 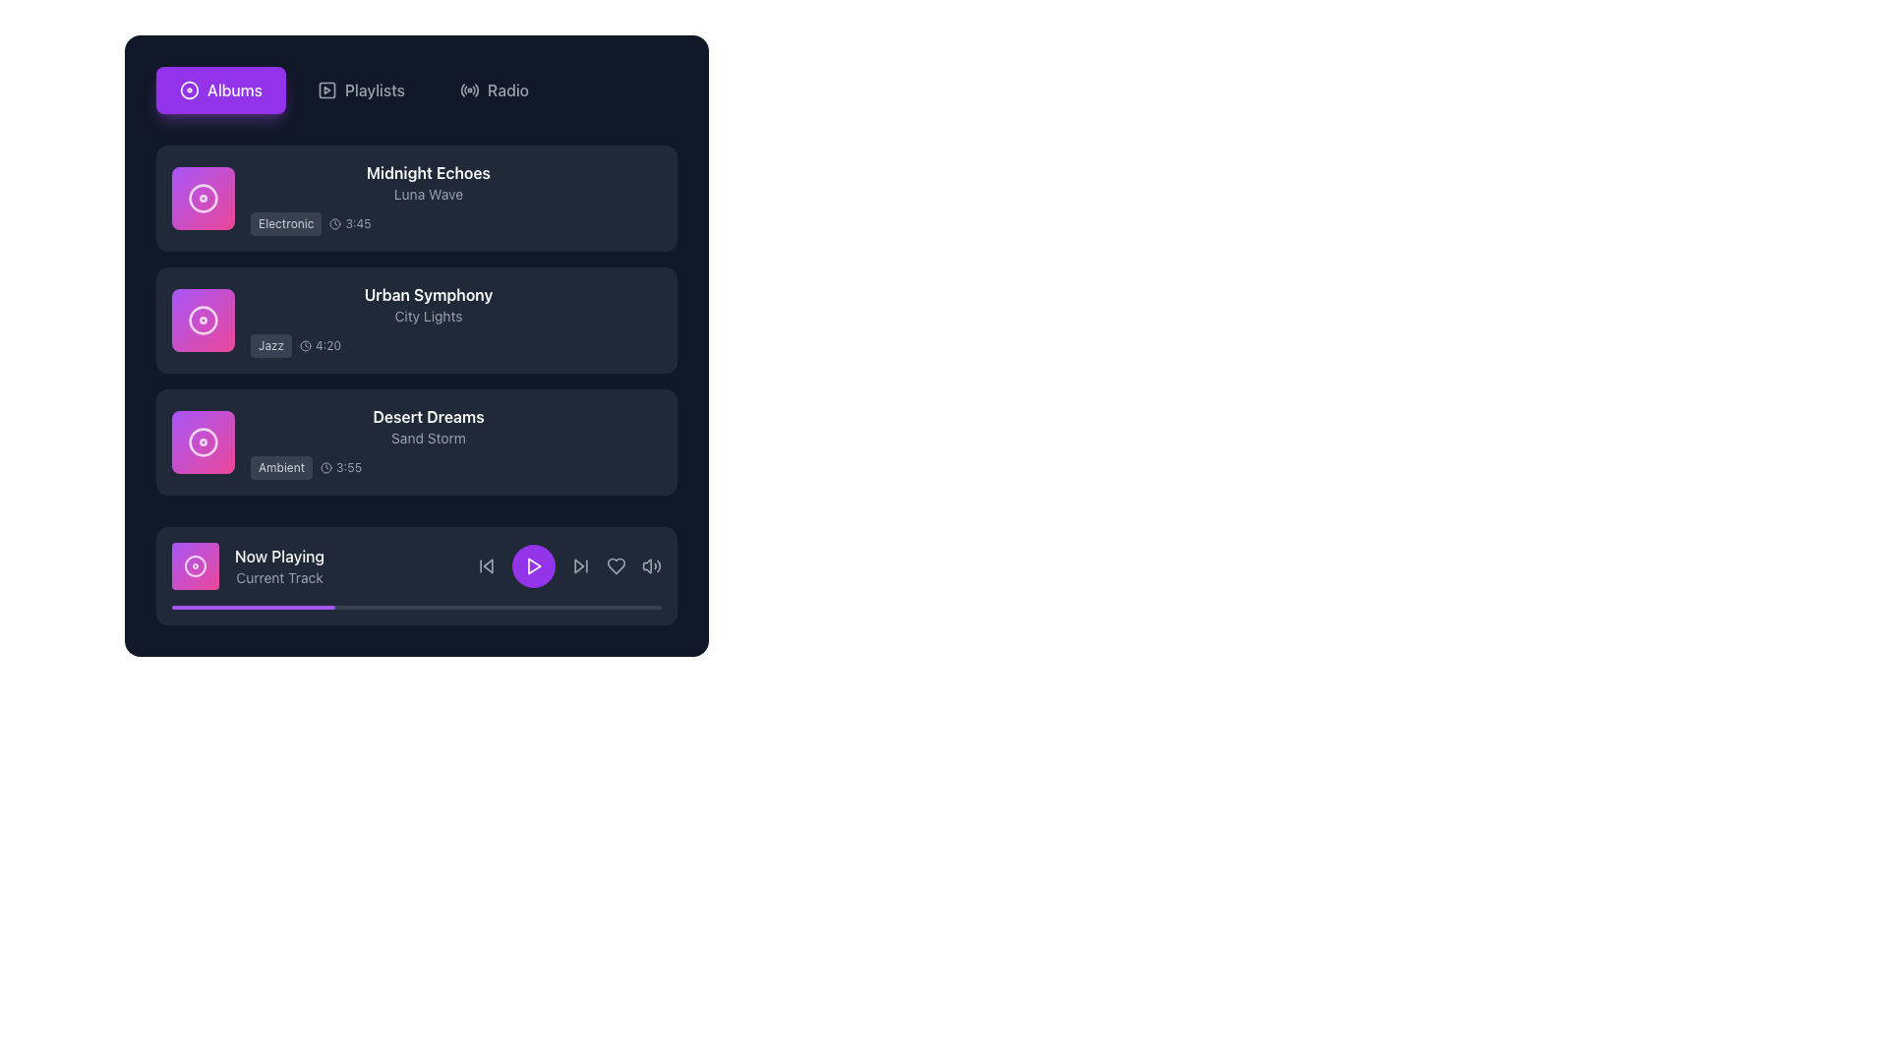 I want to click on the clock icon representing the duration of the track 'Midnight Echoes', located to the left of the text '3:45' in the metadata section, so click(x=335, y=222).